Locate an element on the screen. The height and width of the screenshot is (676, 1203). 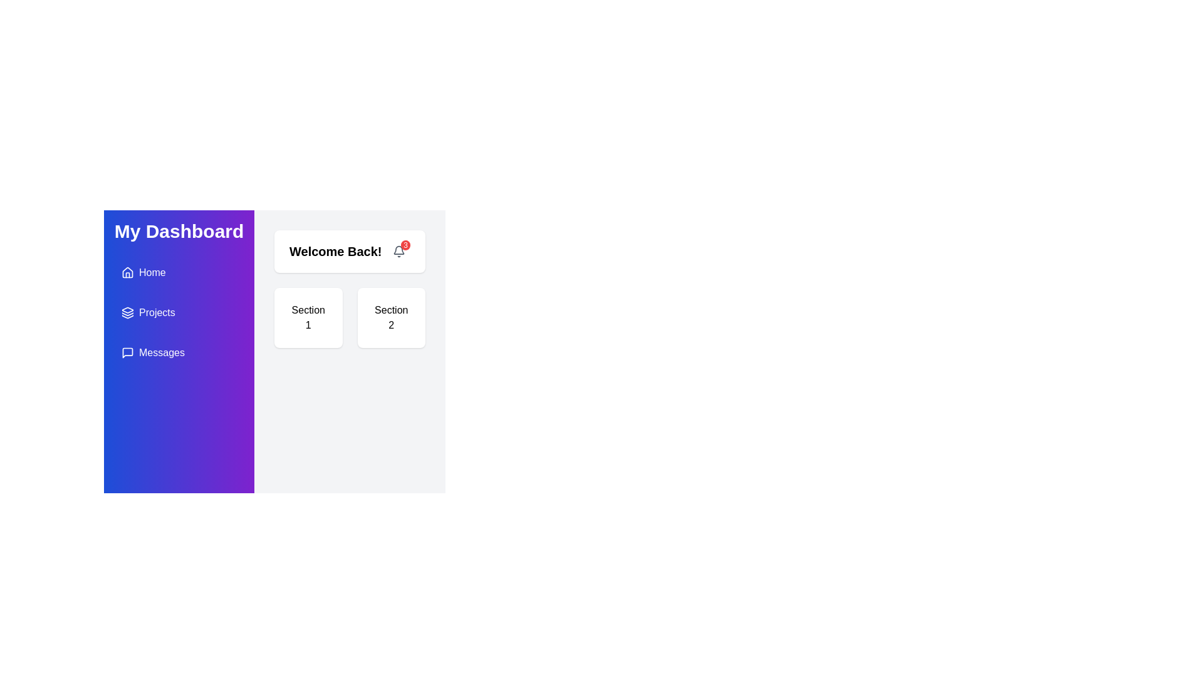
the bottom-most segment of the SVG graphic in the sidebar under the 'Projects' section of the dashboard interface is located at coordinates (127, 316).